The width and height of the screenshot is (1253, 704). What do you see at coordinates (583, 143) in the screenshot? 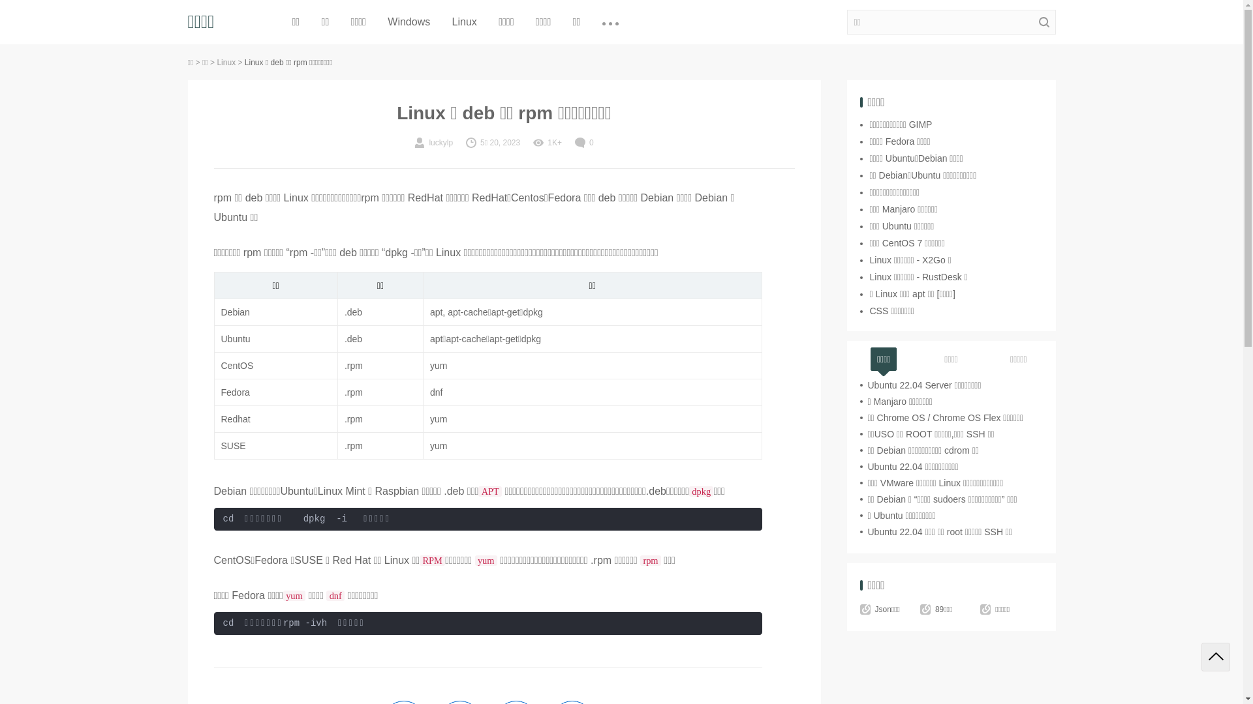
I see `'0'` at bounding box center [583, 143].